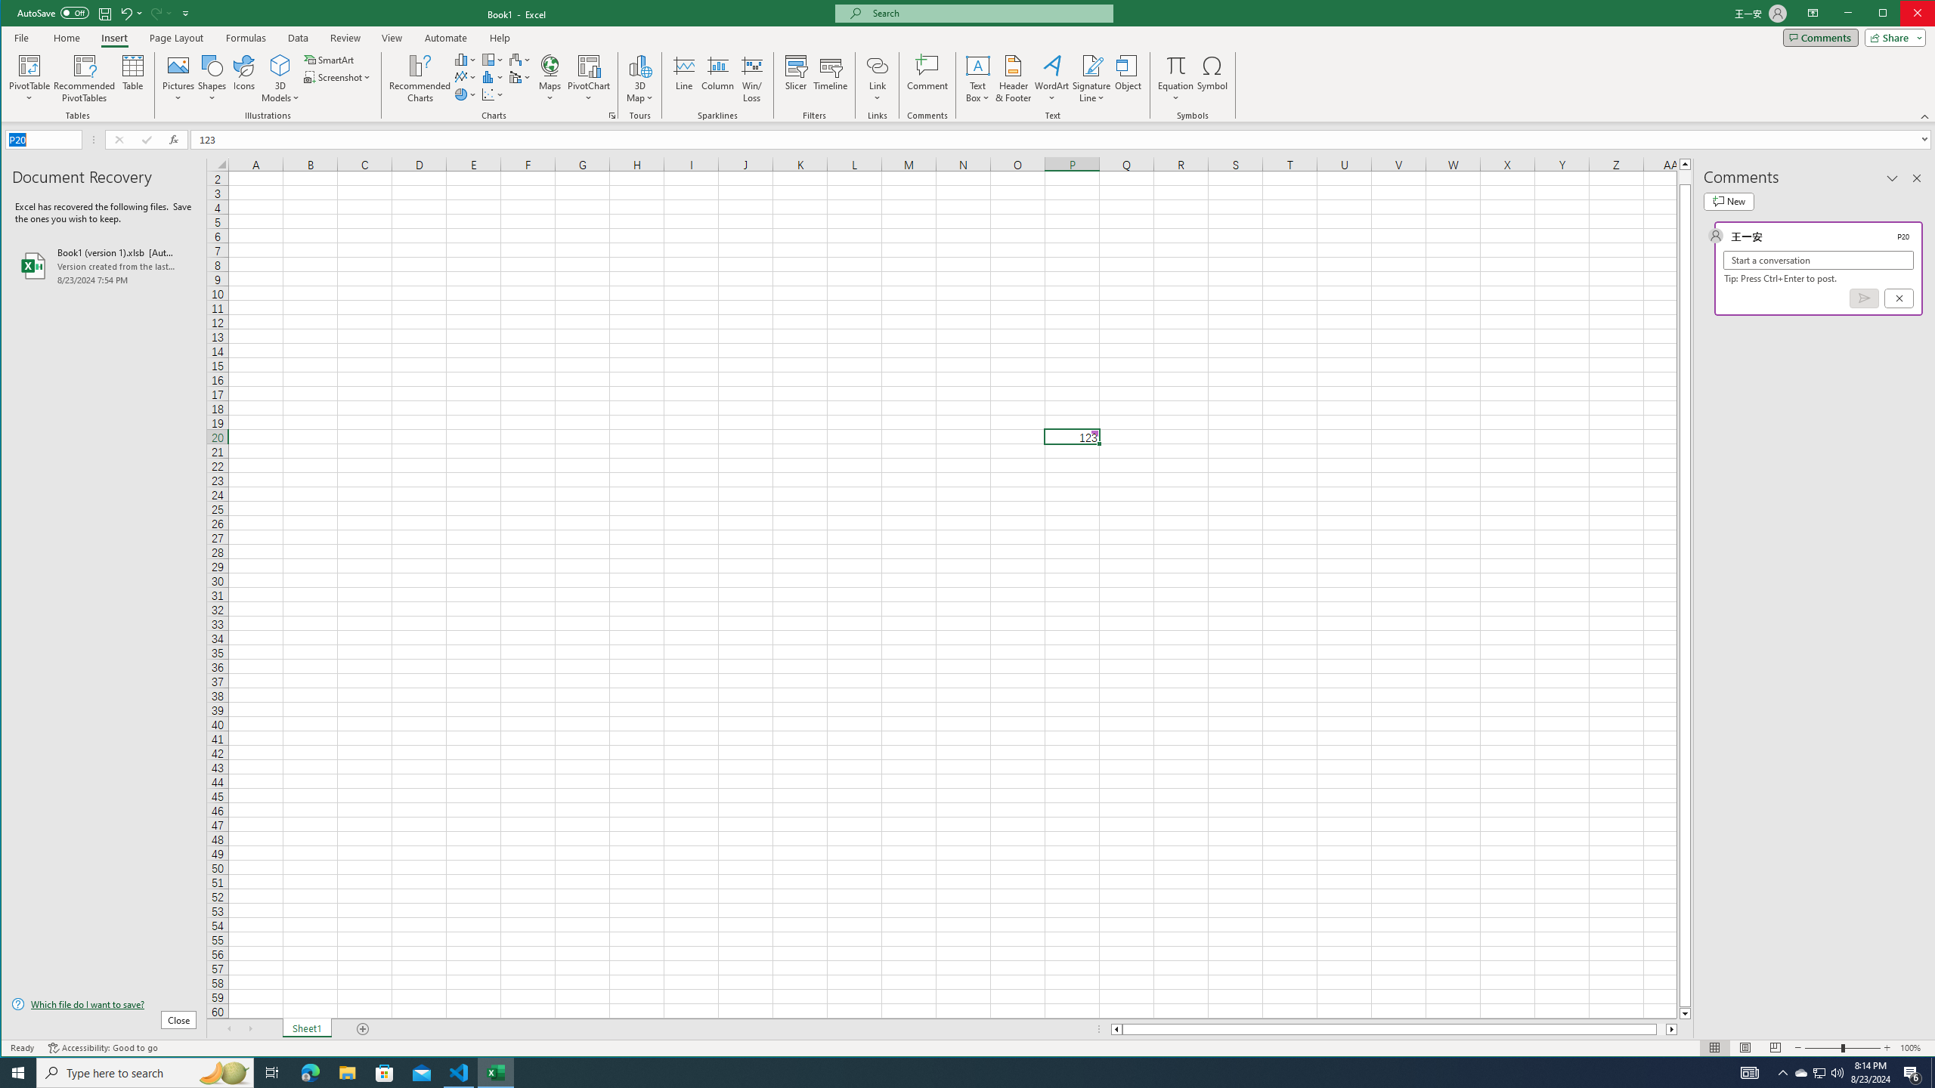 The width and height of the screenshot is (1935, 1088). What do you see at coordinates (493, 77) in the screenshot?
I see `'Insert Statistic Chart'` at bounding box center [493, 77].